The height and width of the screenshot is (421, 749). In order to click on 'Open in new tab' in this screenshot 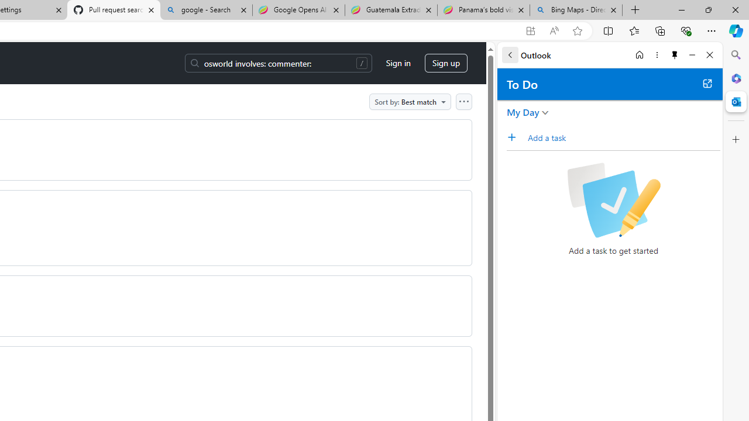, I will do `click(706, 82)`.